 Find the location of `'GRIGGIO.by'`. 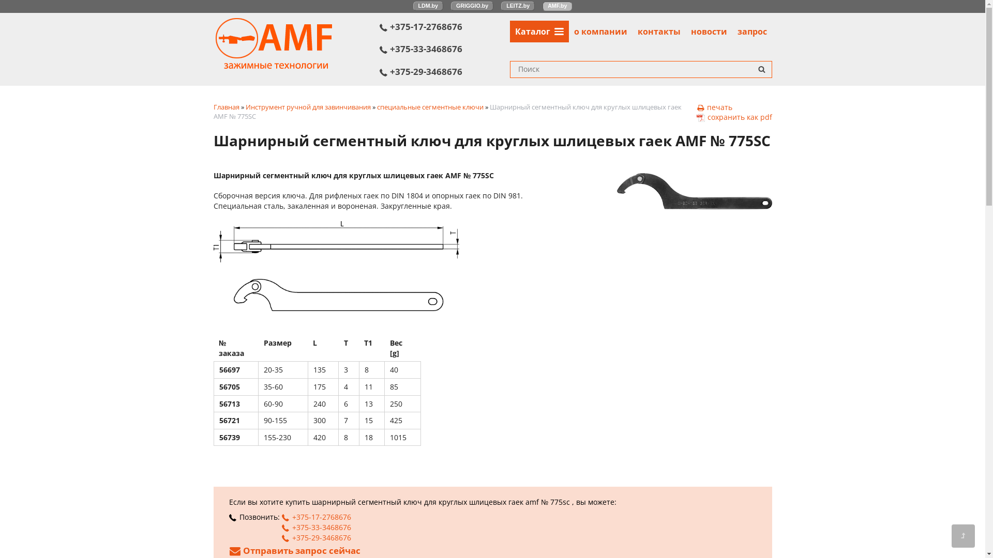

'GRIGGIO.by' is located at coordinates (471, 6).